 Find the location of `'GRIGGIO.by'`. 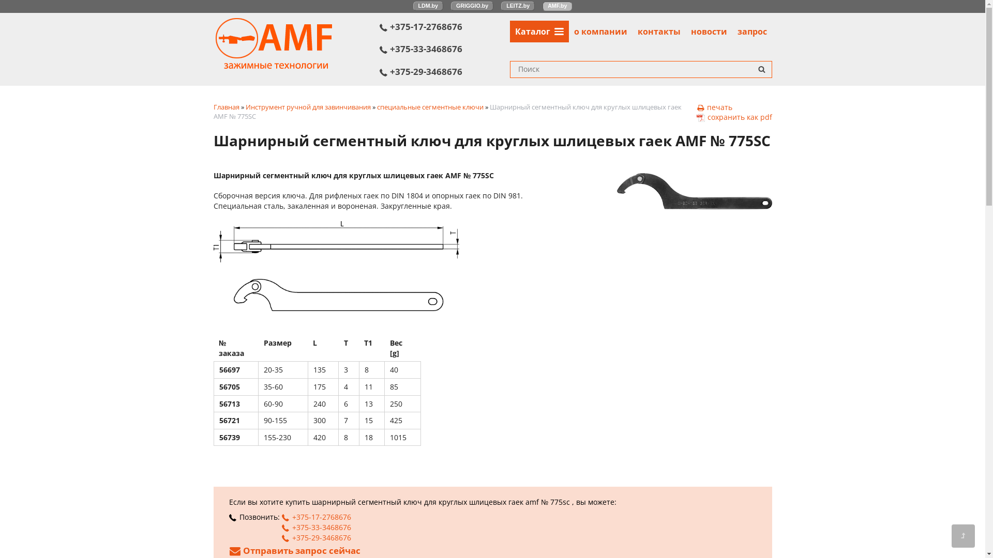

'GRIGGIO.by' is located at coordinates (471, 6).